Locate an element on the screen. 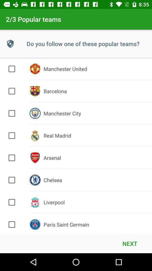  the next item is located at coordinates (130, 243).